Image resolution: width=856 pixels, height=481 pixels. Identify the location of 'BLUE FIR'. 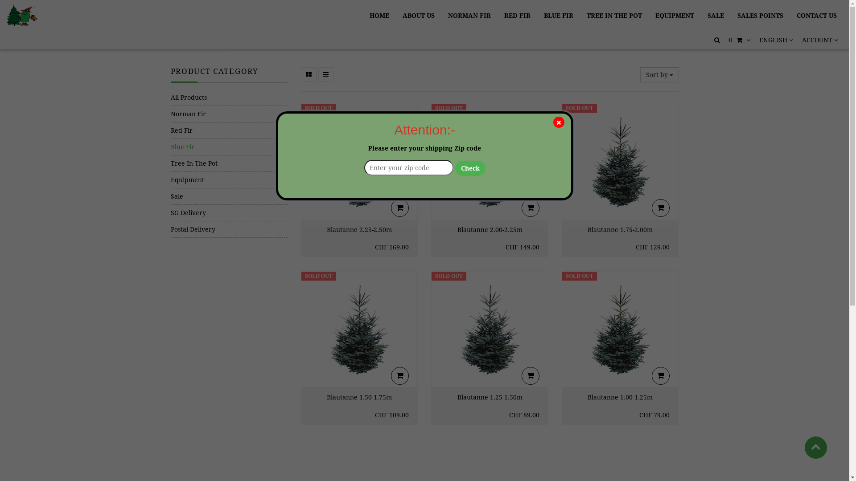
(558, 15).